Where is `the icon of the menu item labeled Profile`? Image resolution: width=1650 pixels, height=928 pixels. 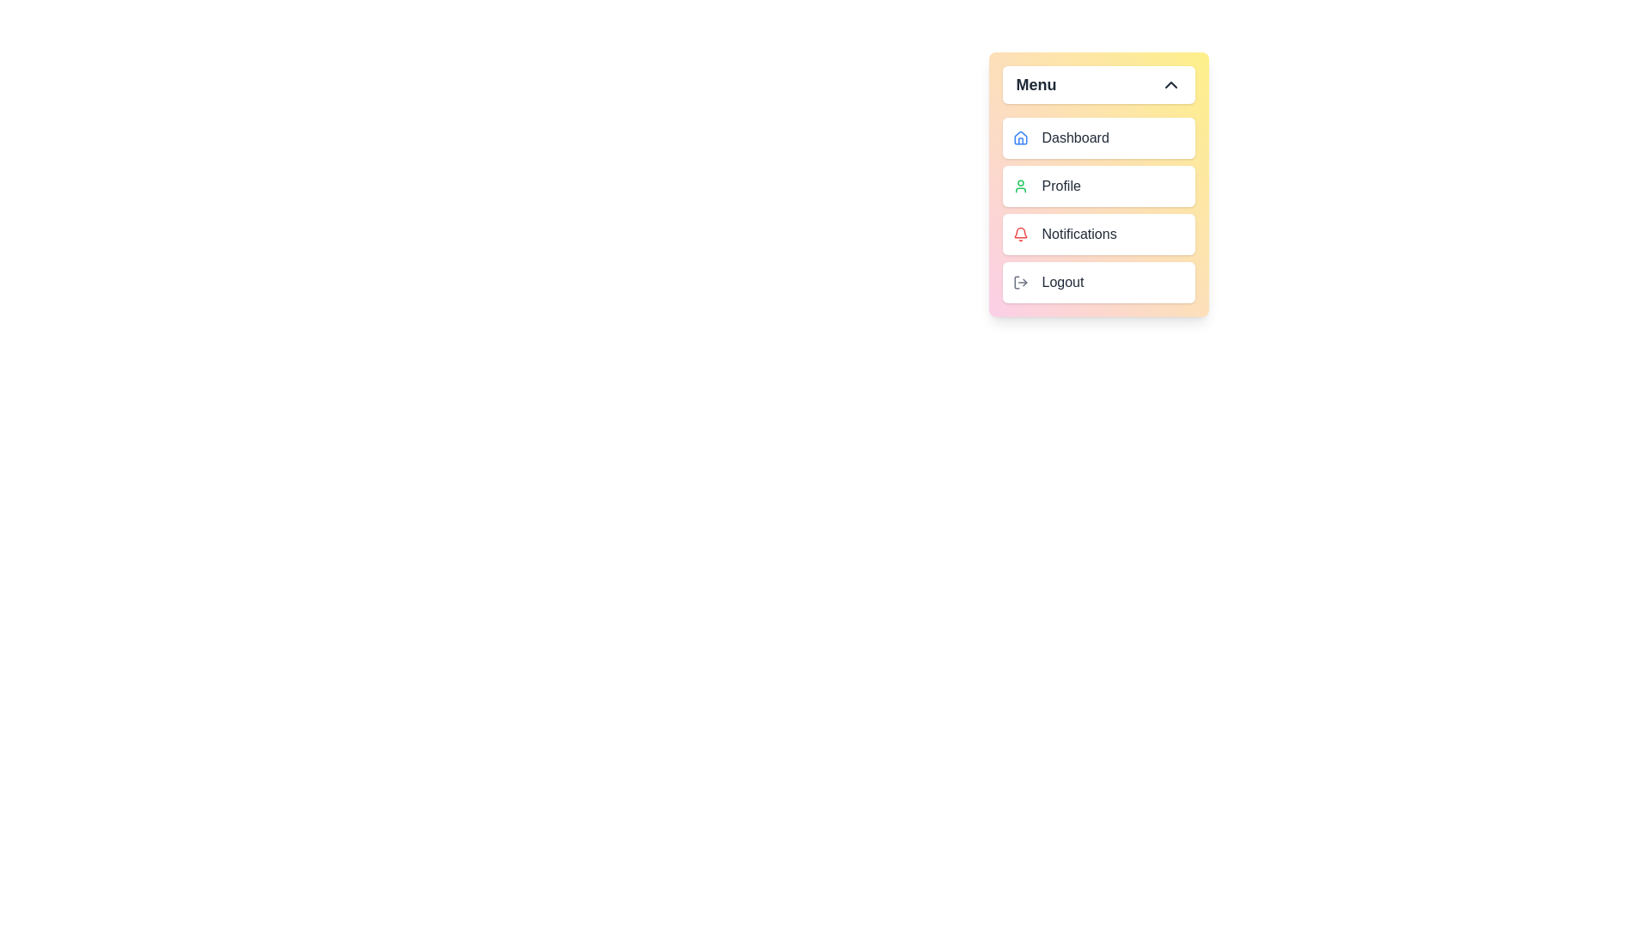
the icon of the menu item labeled Profile is located at coordinates (1020, 186).